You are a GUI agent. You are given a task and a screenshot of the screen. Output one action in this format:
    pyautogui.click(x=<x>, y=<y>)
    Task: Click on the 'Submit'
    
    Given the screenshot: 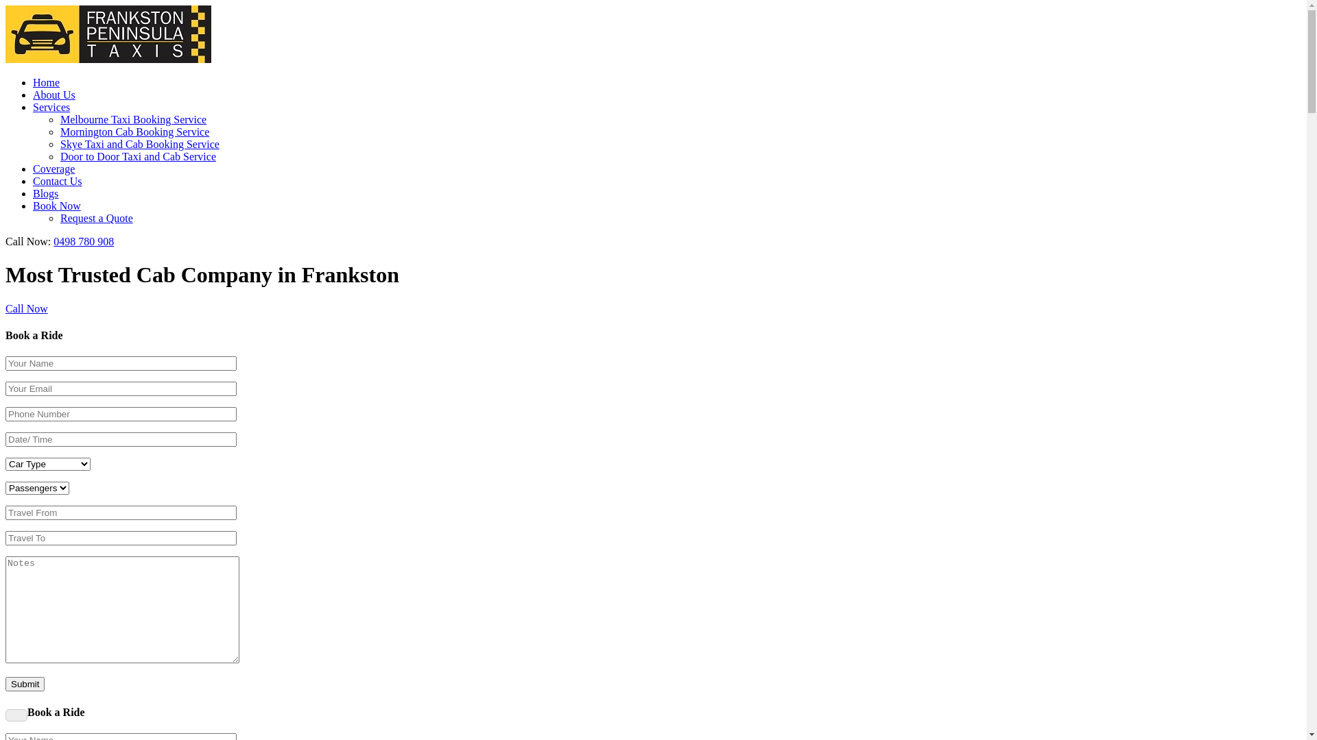 What is the action you would take?
    pyautogui.click(x=25, y=684)
    